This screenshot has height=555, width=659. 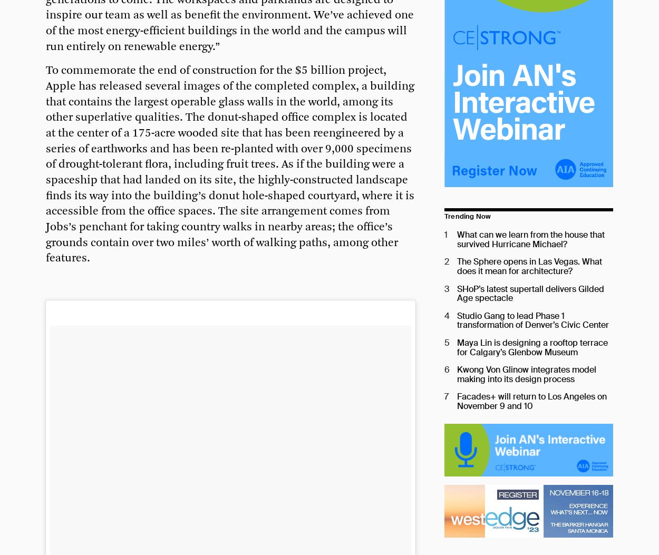 What do you see at coordinates (467, 216) in the screenshot?
I see `'Trending Now'` at bounding box center [467, 216].